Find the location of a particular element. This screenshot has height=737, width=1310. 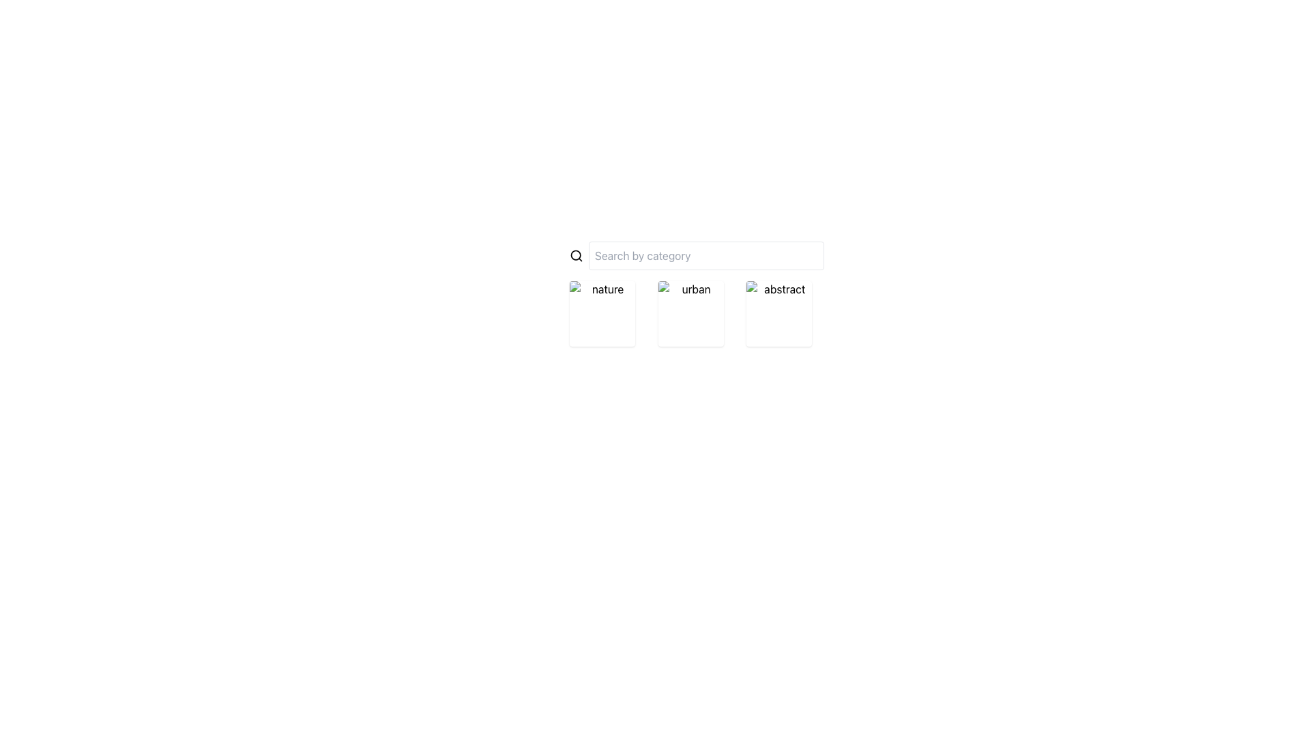

the details of the image thumbnail with alternate text 'nature', which is the first item in a horizontal sequence of similarly styled elements located below a search bar is located at coordinates (602, 313).